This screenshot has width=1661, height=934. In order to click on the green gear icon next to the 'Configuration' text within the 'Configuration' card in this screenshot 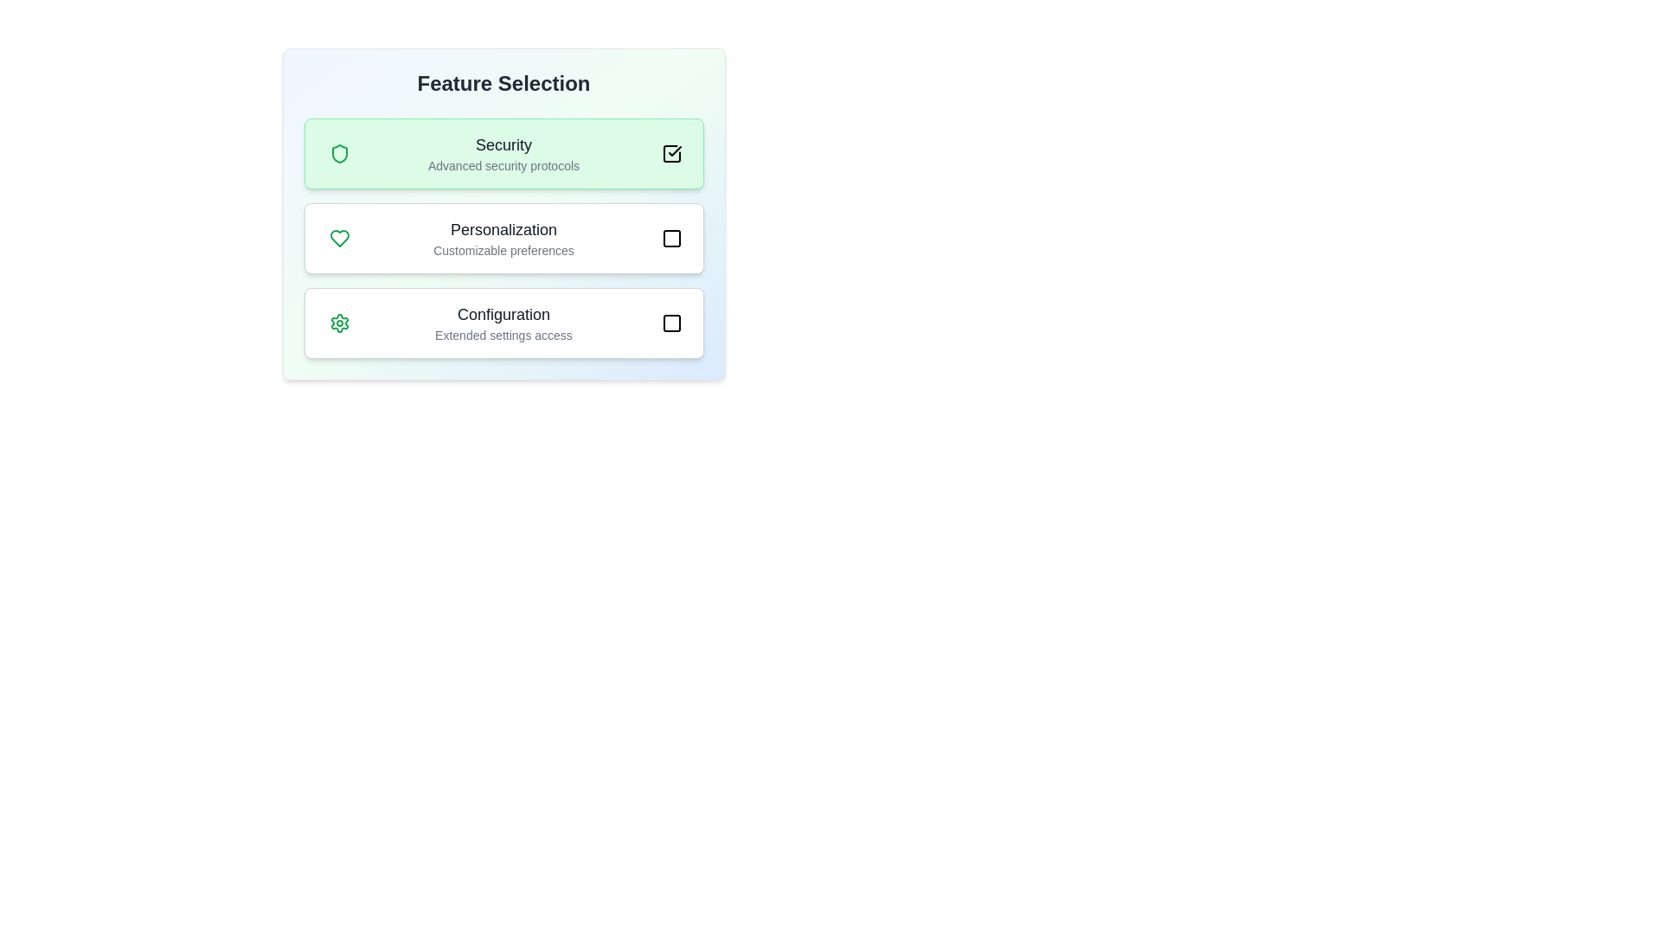, I will do `click(339, 323)`.